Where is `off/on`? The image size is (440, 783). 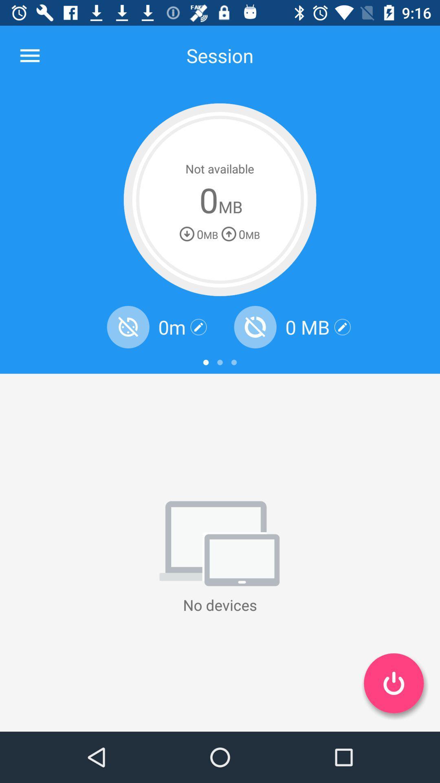 off/on is located at coordinates (393, 683).